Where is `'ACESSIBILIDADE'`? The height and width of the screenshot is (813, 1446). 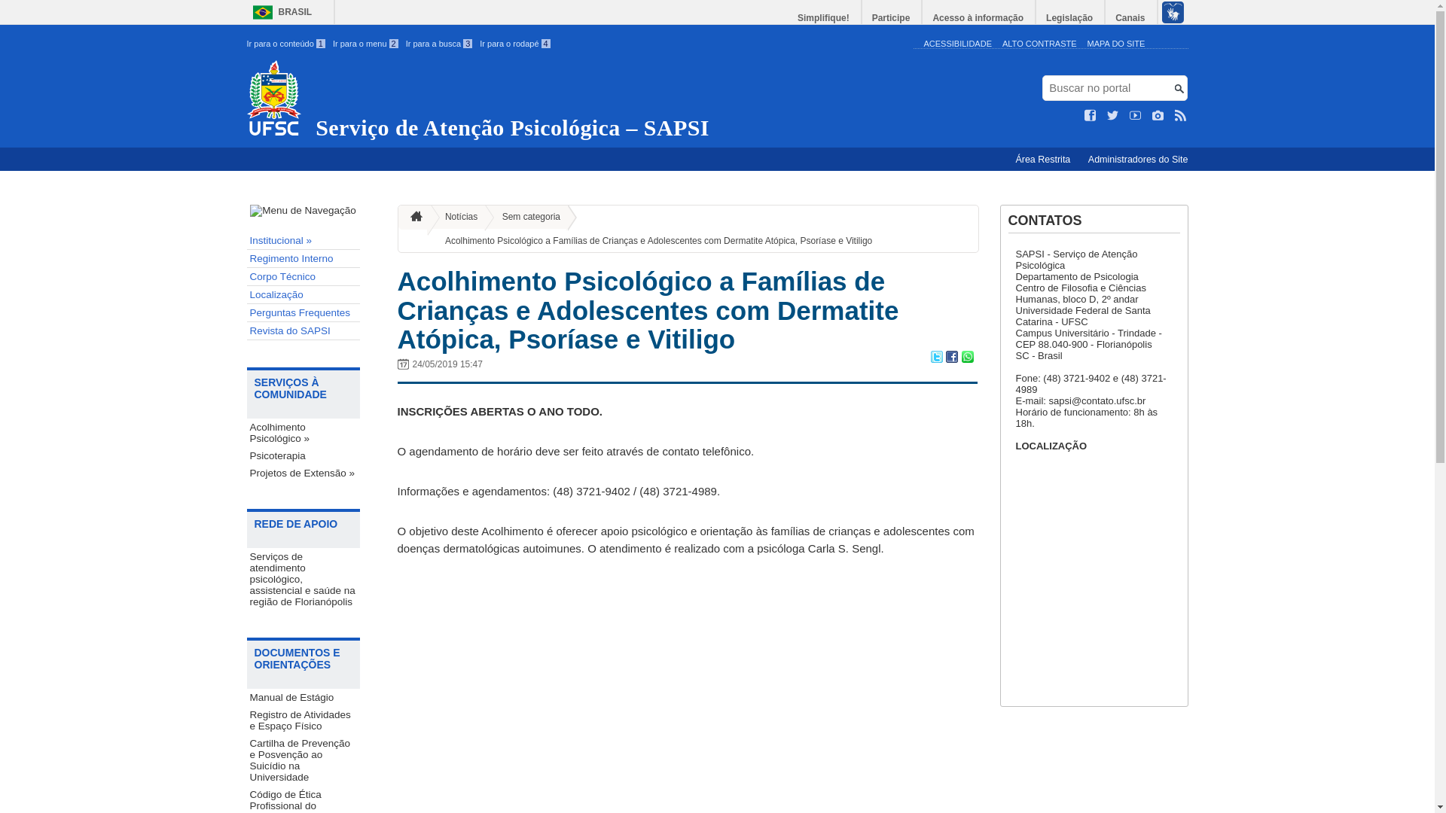 'ACESSIBILIDADE' is located at coordinates (922, 42).